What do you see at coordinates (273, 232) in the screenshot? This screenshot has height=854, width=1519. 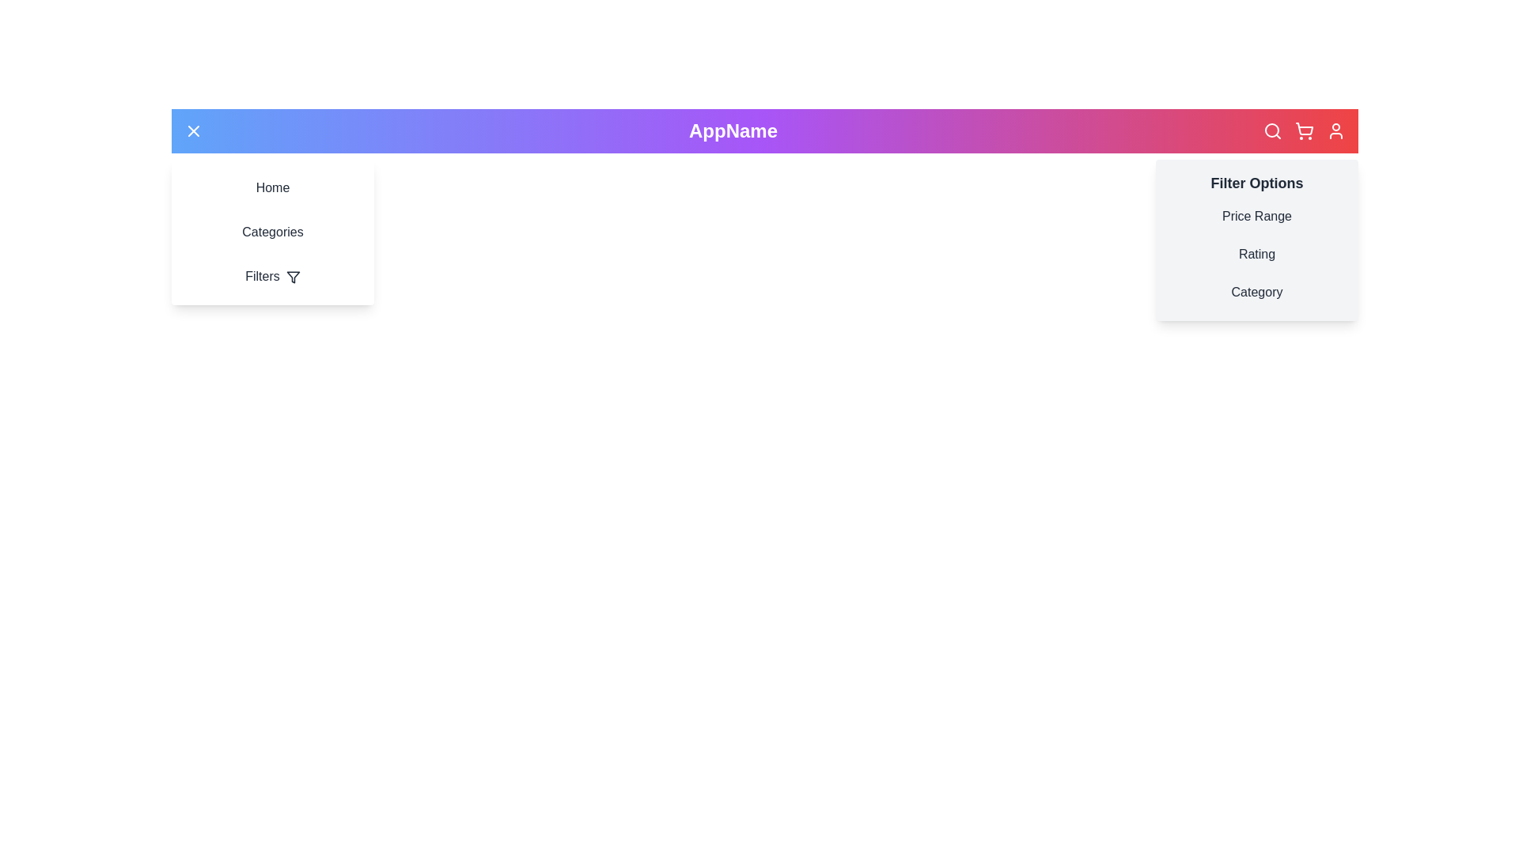 I see `the dropdown menu located on the left side below the top gradient header bar labeled 'AppName'` at bounding box center [273, 232].